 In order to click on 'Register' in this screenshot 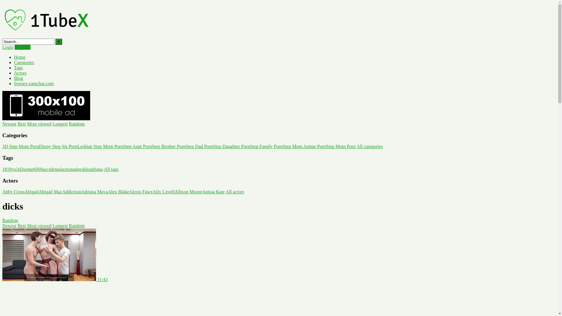, I will do `click(22, 47)`.